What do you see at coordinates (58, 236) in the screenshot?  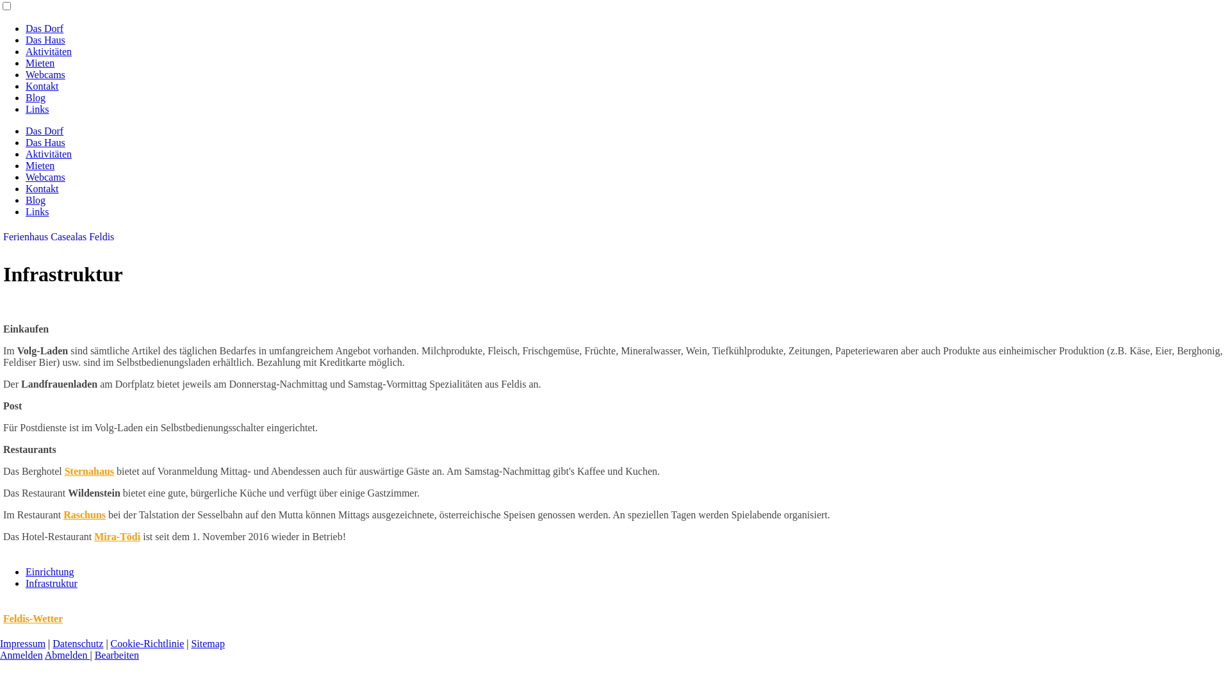 I see `'Ferienhaus Casealas Feldis'` at bounding box center [58, 236].